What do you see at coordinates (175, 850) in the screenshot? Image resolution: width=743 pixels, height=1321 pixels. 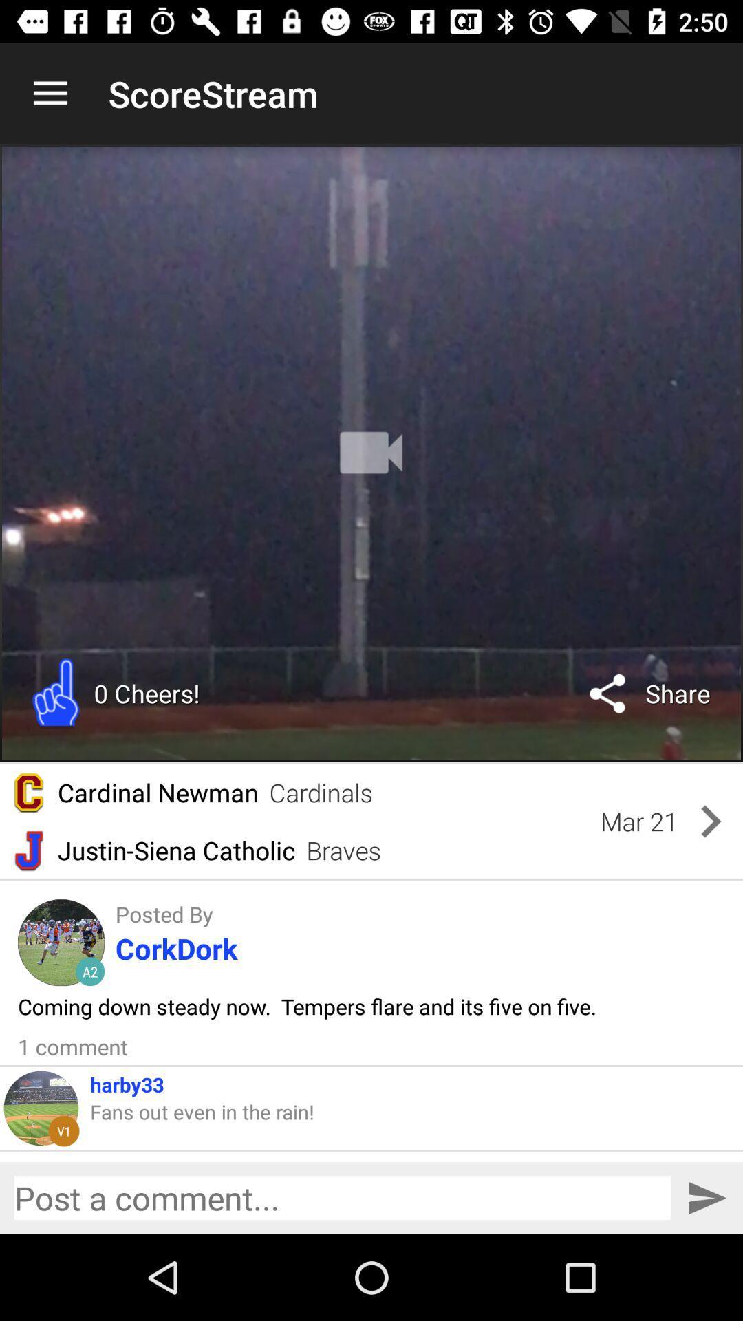 I see `the icon to the left of the braves item` at bounding box center [175, 850].